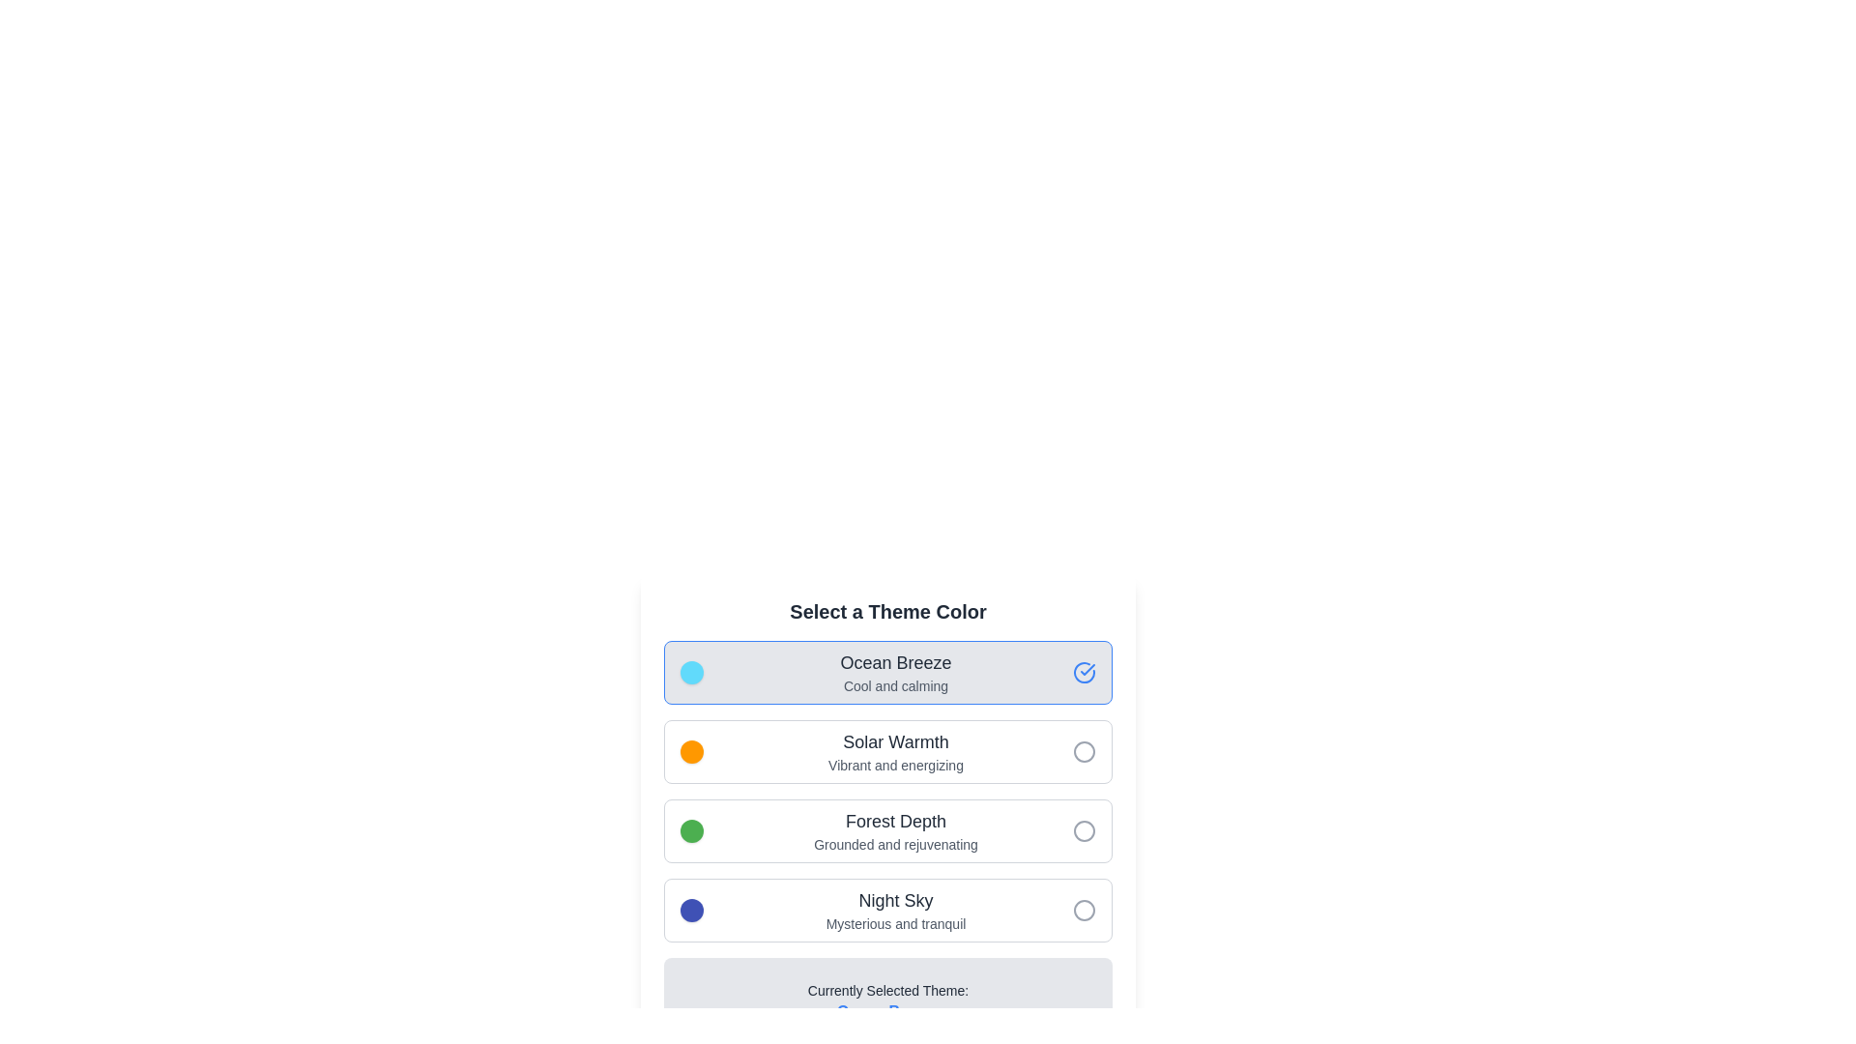  What do you see at coordinates (691, 830) in the screenshot?
I see `the green circular indicator located to the left of the 'Forest Depth' list card, which is the third card in the column of similar cards` at bounding box center [691, 830].